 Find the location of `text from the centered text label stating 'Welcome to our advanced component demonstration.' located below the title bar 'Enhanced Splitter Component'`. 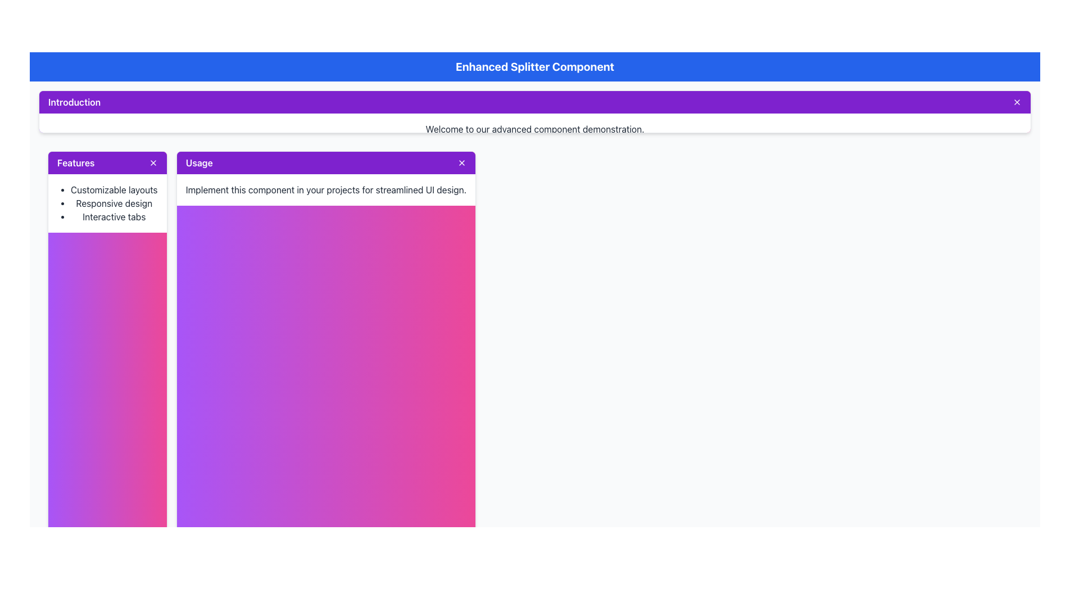

text from the centered text label stating 'Welcome to our advanced component demonstration.' located below the title bar 'Enhanced Splitter Component' is located at coordinates (534, 129).